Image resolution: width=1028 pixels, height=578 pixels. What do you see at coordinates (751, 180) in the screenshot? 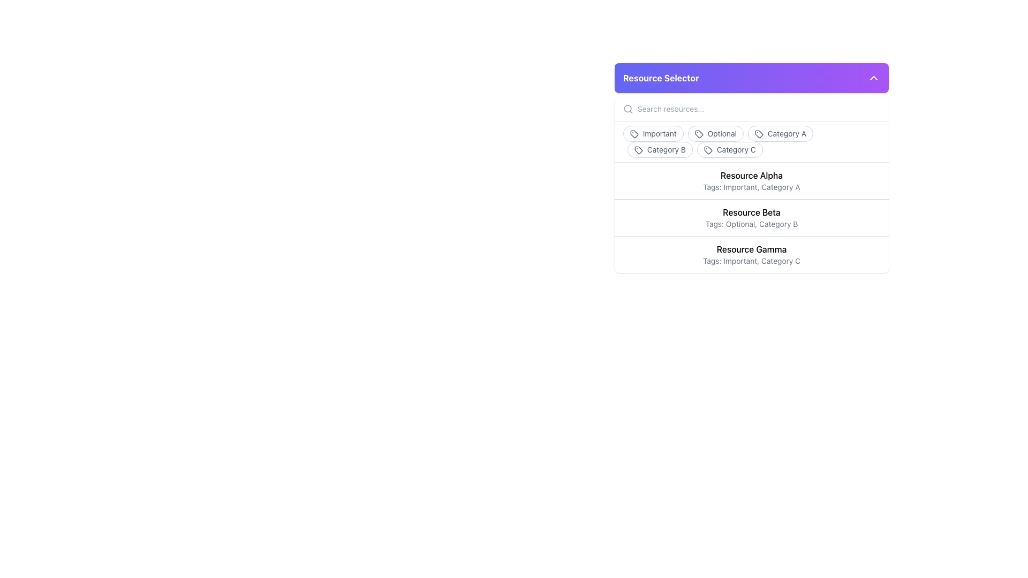
I see `the first selectable resource entry in the list, which displays its name and associated tags for identification` at bounding box center [751, 180].